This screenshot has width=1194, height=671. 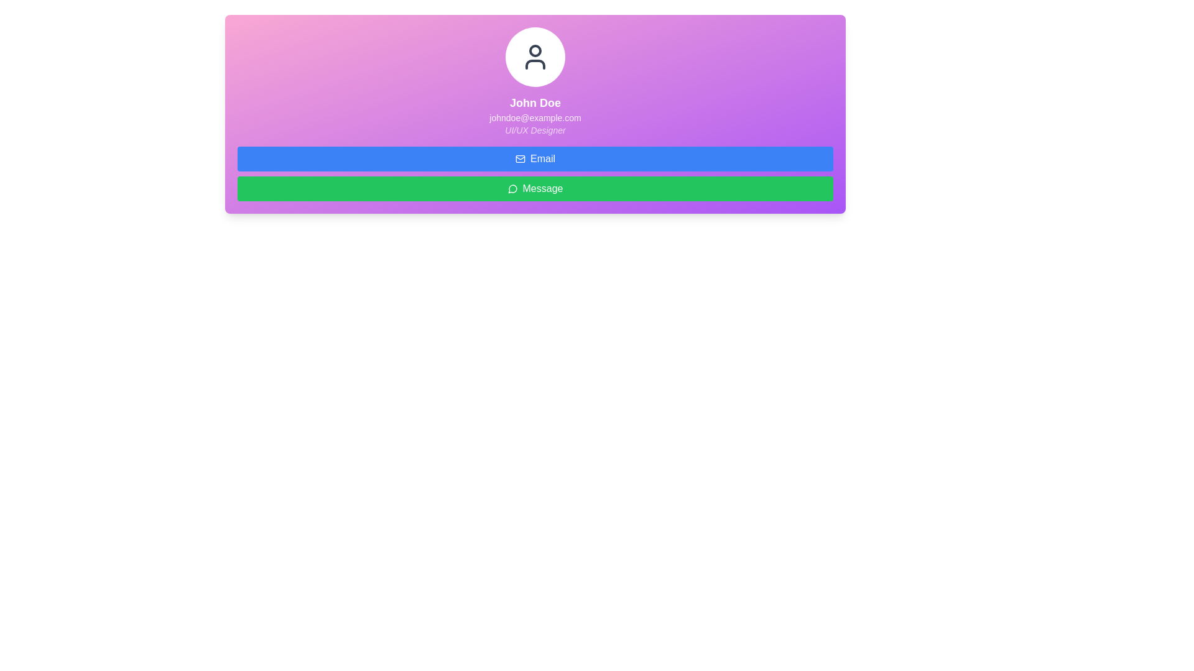 What do you see at coordinates (520, 158) in the screenshot?
I see `the details of the email icon located within the blue rectangular button labeled 'Email'` at bounding box center [520, 158].